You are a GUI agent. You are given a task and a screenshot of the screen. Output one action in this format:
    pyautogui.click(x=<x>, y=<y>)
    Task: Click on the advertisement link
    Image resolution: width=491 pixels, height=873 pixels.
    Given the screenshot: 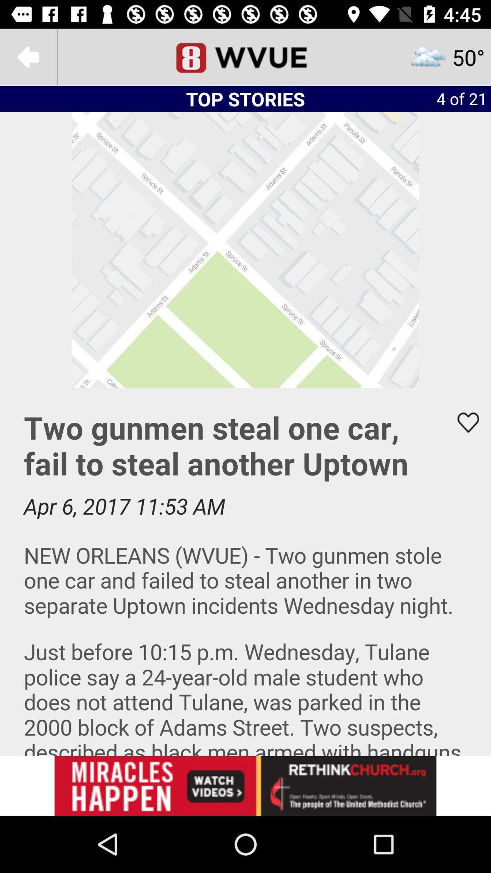 What is the action you would take?
    pyautogui.click(x=245, y=785)
    